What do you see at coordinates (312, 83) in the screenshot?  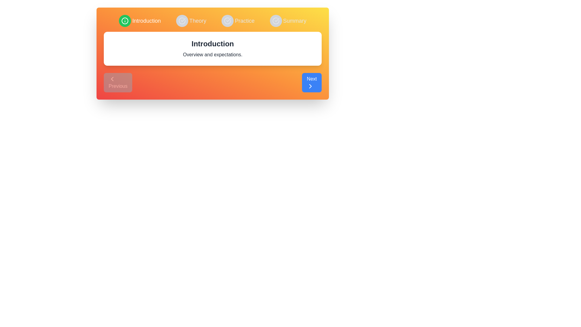 I see `'Next' button to navigate to the next stage` at bounding box center [312, 83].